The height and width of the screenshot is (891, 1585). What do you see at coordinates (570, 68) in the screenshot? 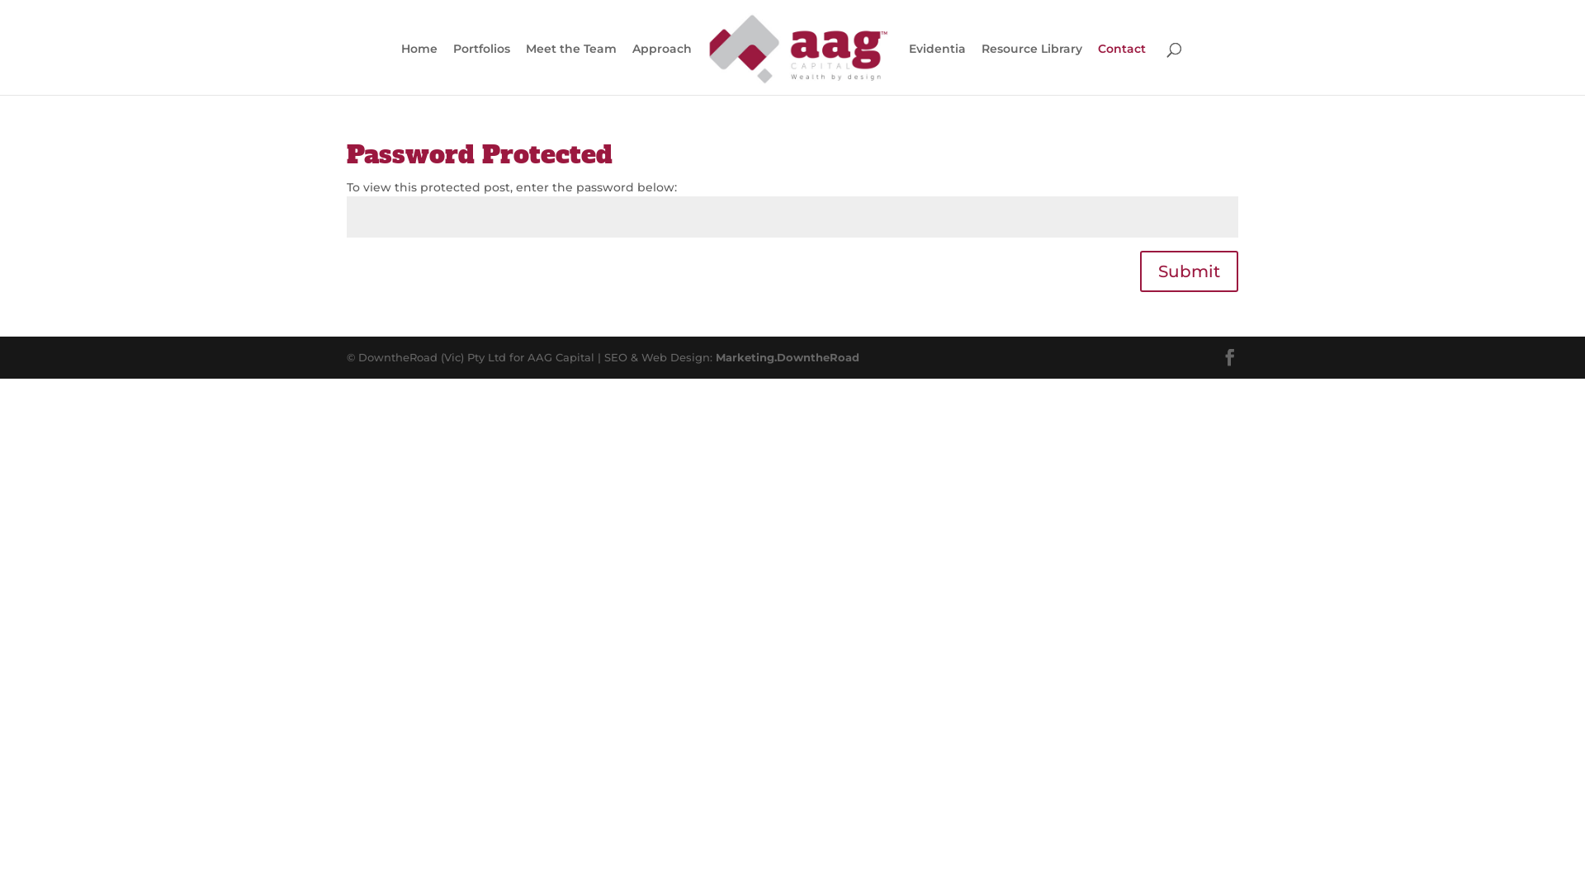
I see `'Meet the Team'` at bounding box center [570, 68].